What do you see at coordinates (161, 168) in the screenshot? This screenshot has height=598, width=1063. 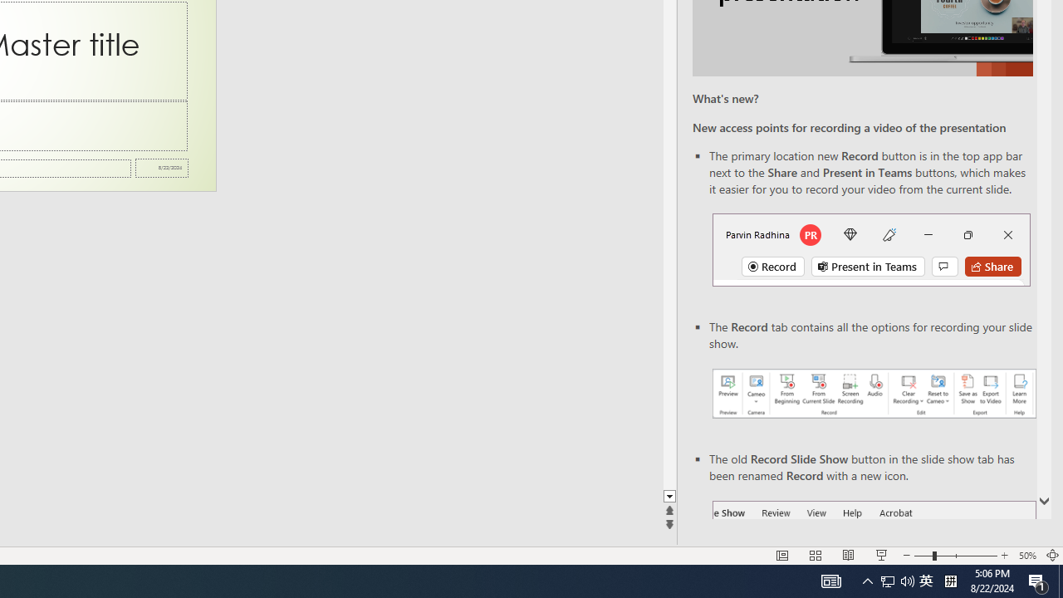 I see `'Date'` at bounding box center [161, 168].